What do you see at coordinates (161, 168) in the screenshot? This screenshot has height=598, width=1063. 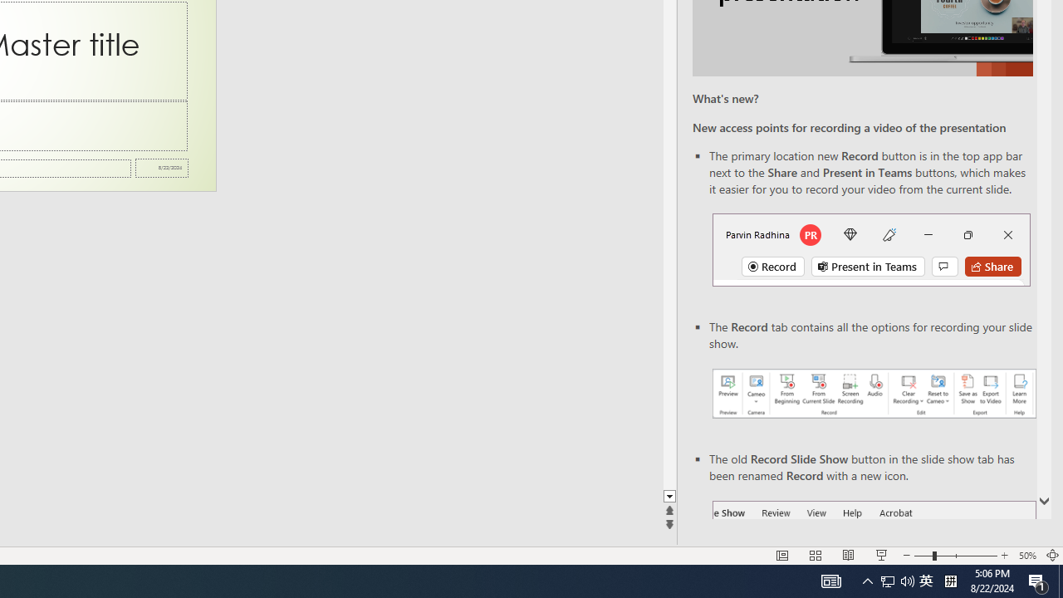 I see `'Date'` at bounding box center [161, 168].